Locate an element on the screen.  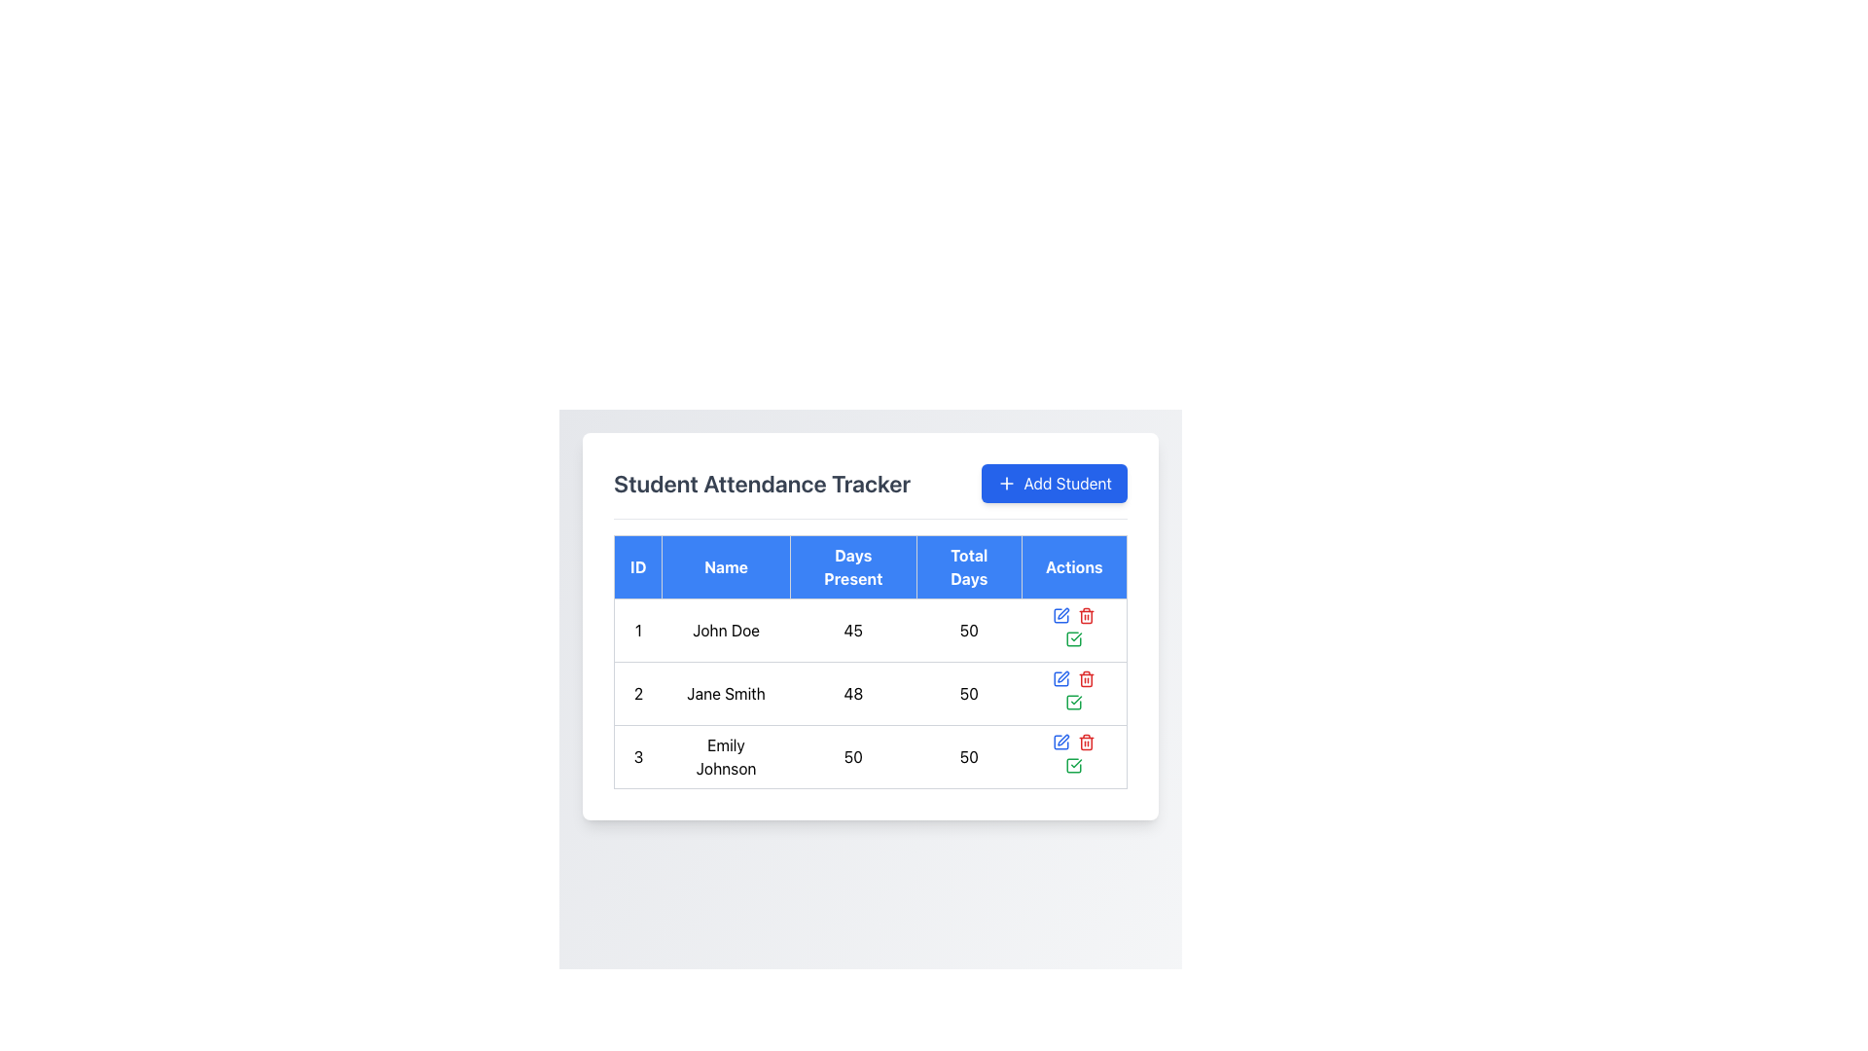
the table cell displaying 'Jane Smith' is located at coordinates (725, 693).